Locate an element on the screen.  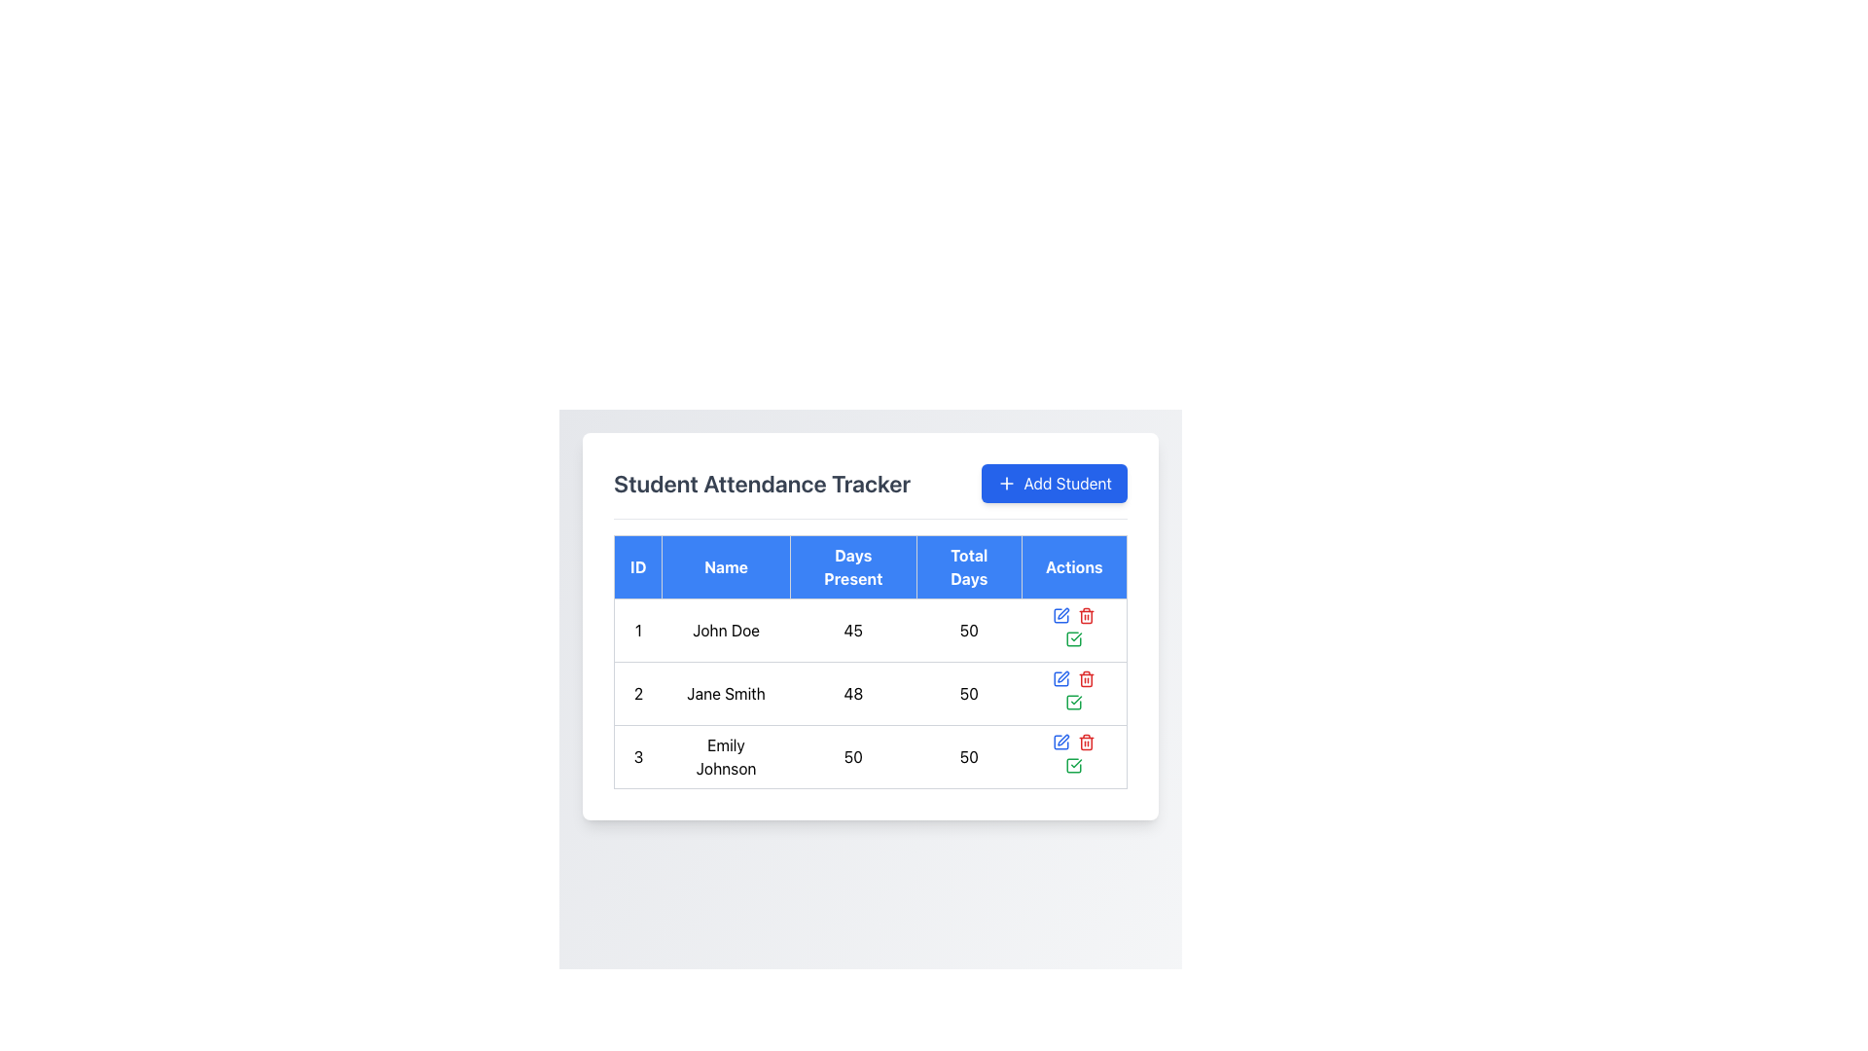
the table cell displaying 'Jane Smith' is located at coordinates (725, 693).